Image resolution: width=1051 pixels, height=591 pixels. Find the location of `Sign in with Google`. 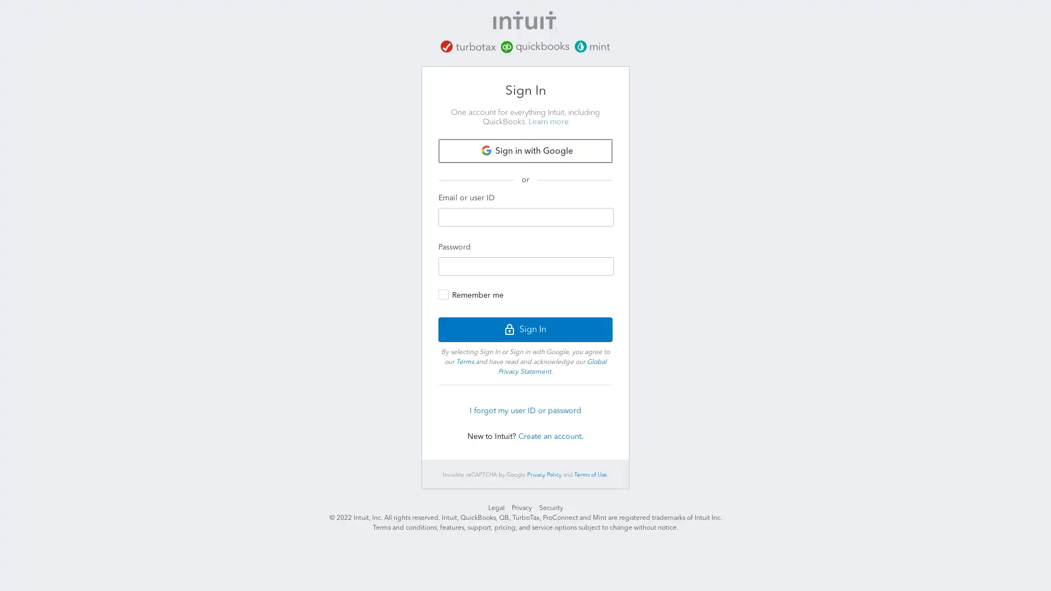

Sign in with Google is located at coordinates (525, 150).